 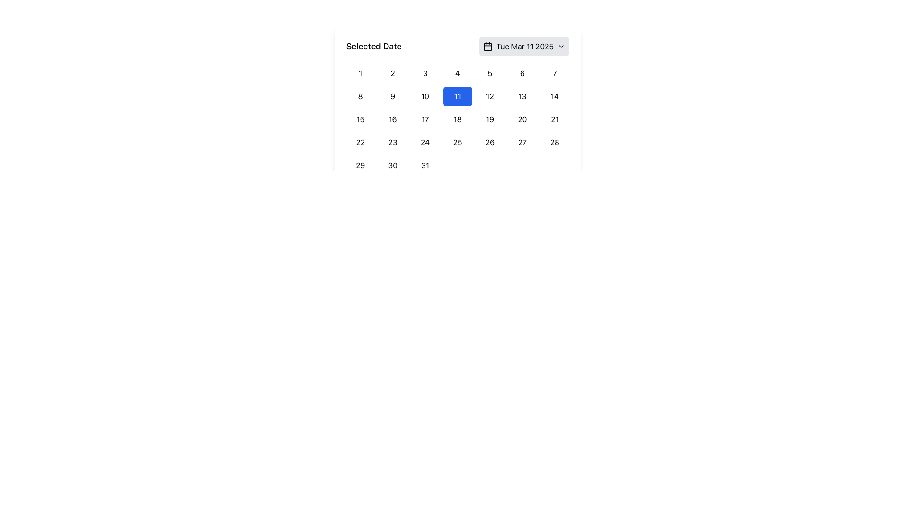 I want to click on the rectangular button displaying the numeral '14', which is located in the second row and seventh column of the grid layout, so click(x=555, y=96).